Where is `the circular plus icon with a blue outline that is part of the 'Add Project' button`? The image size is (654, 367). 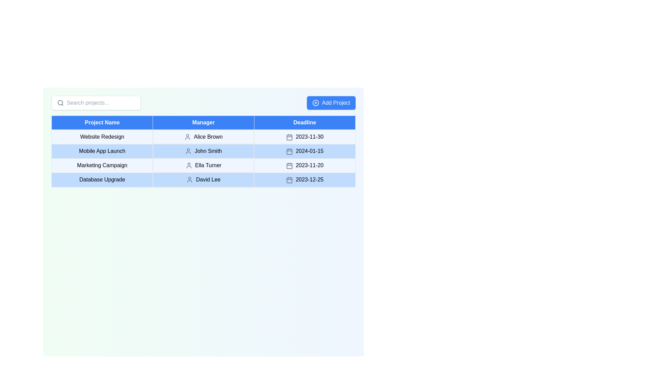
the circular plus icon with a blue outline that is part of the 'Add Project' button is located at coordinates (315, 103).